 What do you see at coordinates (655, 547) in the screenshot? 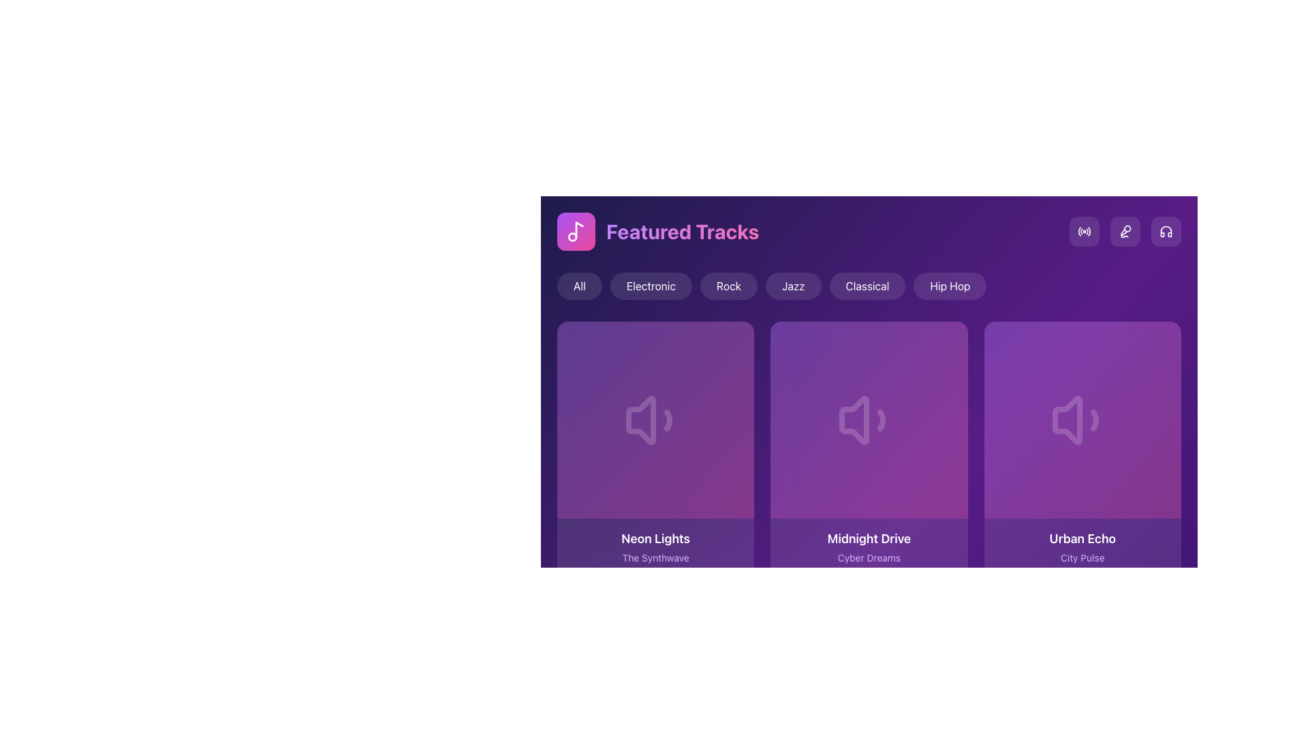
I see `text block containing 'Neon Lights' and 'The Synthwave' styled within a purple card background, located in the top-left section under the 'Featured Tracks' header` at bounding box center [655, 547].